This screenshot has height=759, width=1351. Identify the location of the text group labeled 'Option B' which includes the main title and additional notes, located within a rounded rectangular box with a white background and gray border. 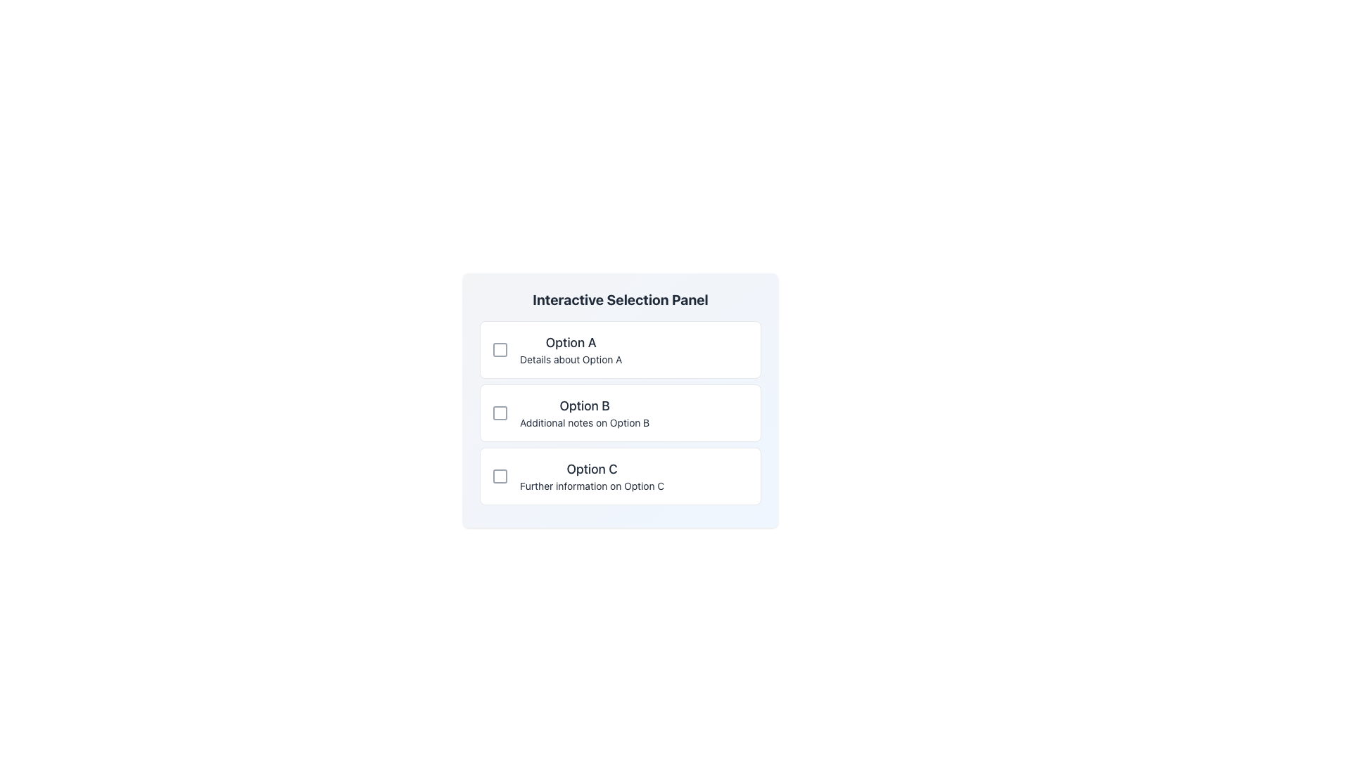
(585, 412).